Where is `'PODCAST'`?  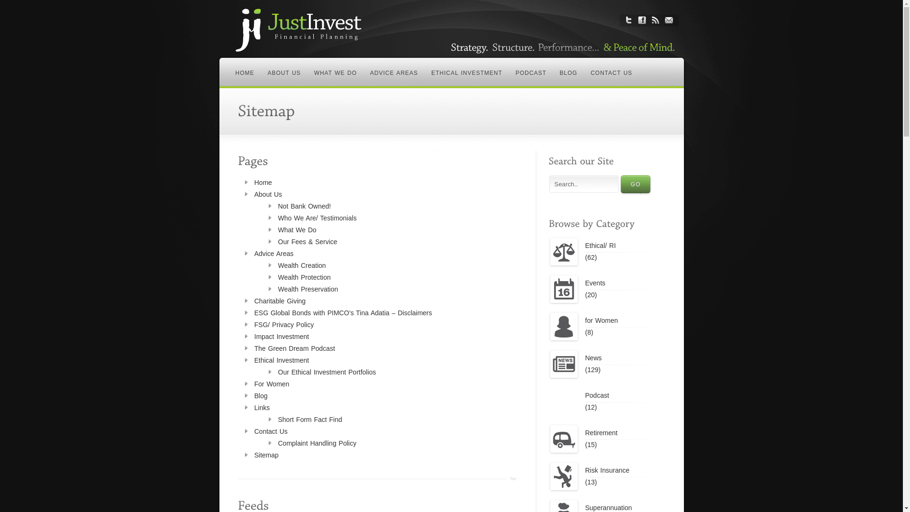 'PODCAST' is located at coordinates (531, 73).